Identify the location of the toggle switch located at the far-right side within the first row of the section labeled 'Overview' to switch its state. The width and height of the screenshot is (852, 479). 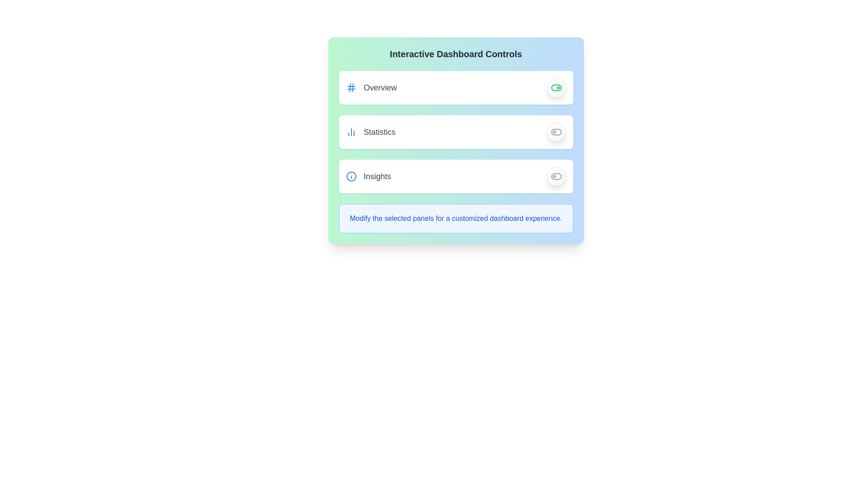
(556, 87).